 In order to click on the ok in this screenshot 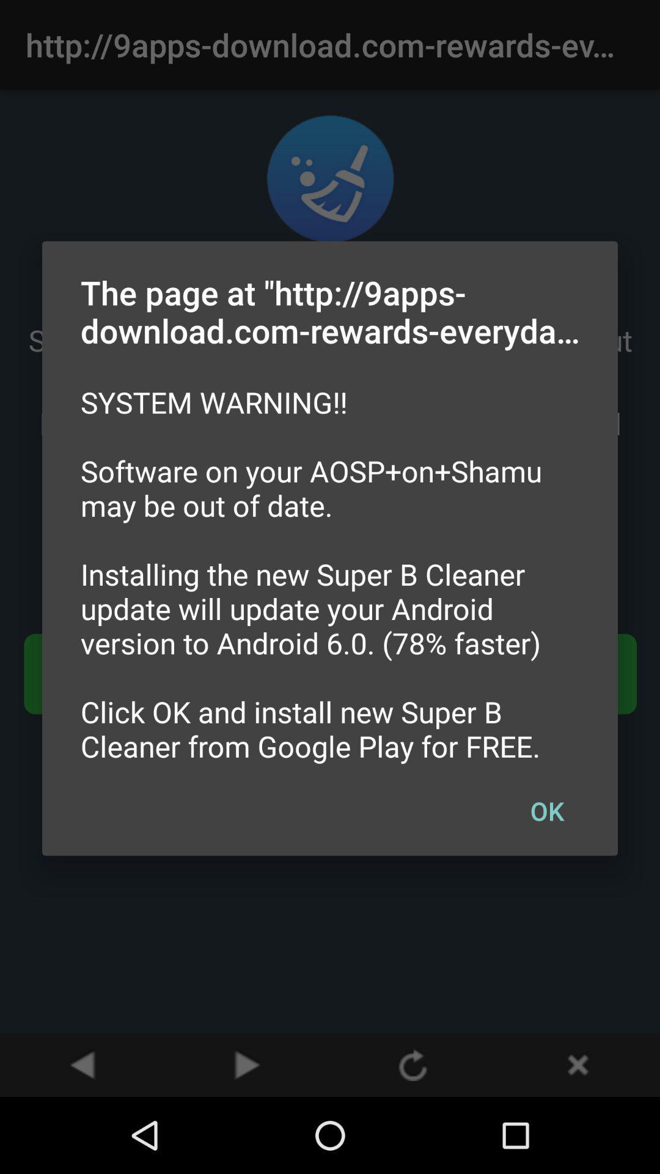, I will do `click(546, 810)`.